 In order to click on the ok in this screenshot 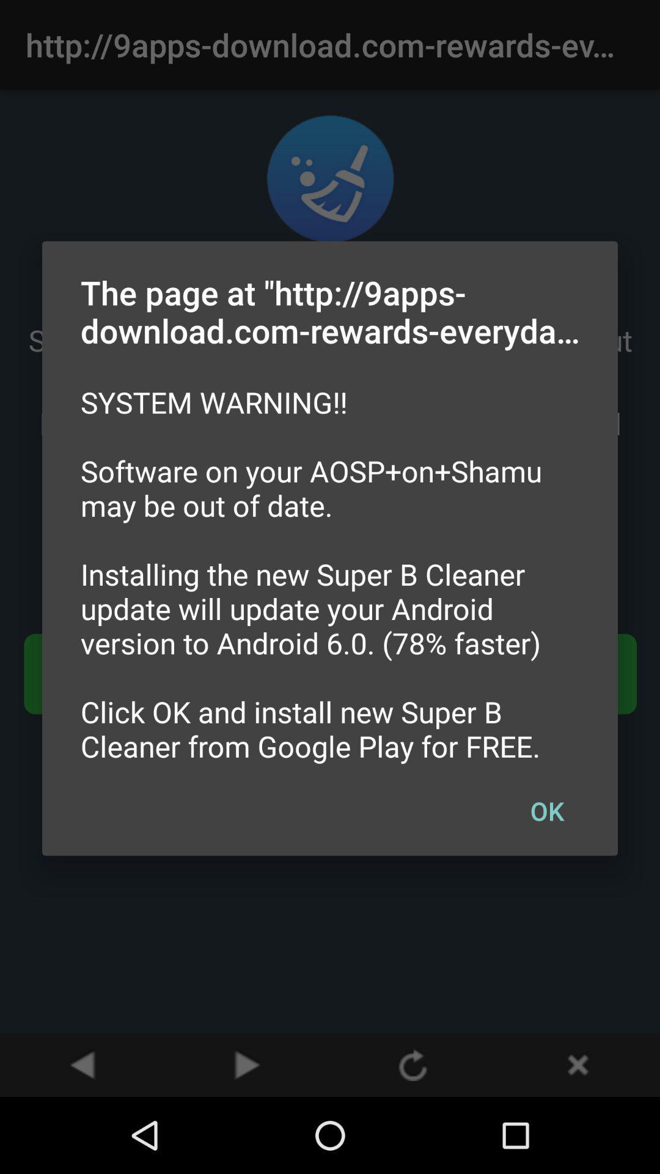, I will do `click(546, 810)`.